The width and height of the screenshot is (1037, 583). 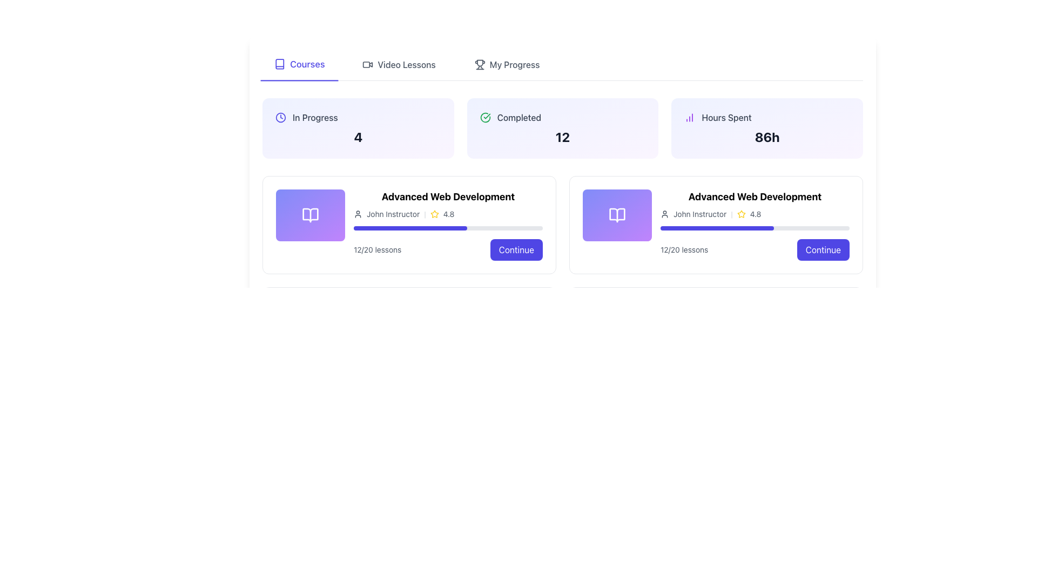 I want to click on the yellow star-shaped rating icon, which is positioned to the right of 'John Instructor' and before the numeric rating '4.8', so click(x=434, y=214).